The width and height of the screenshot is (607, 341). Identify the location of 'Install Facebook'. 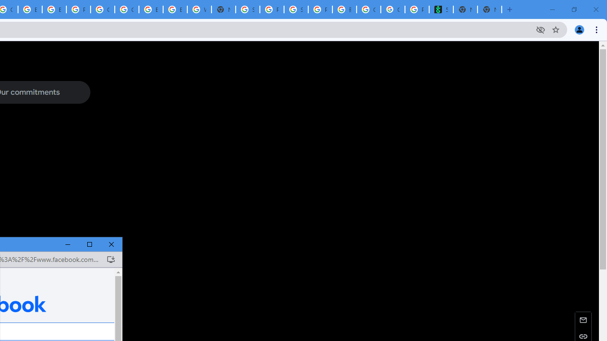
(110, 259).